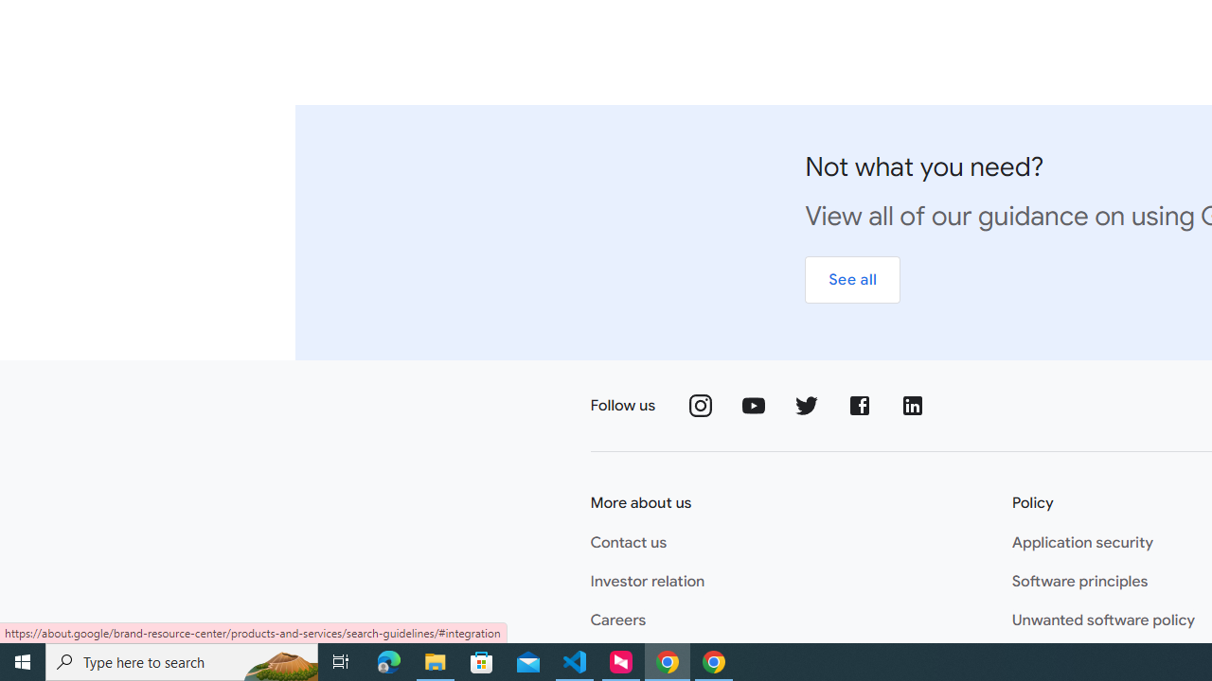  I want to click on 'Investor relation', so click(648, 581).